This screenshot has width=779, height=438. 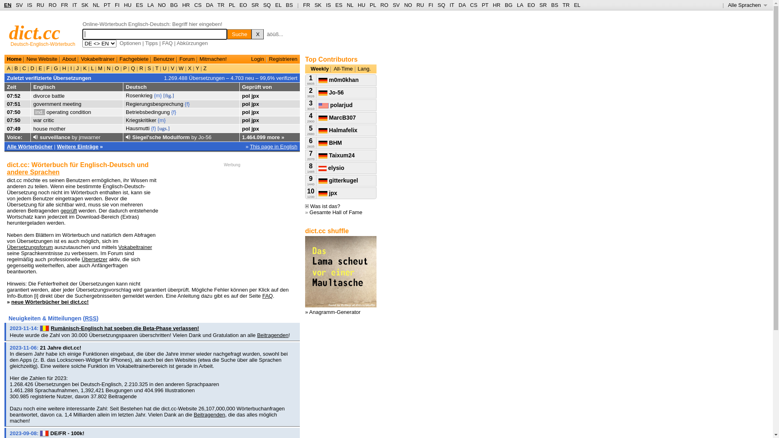 I want to click on 'D', so click(x=32, y=68).